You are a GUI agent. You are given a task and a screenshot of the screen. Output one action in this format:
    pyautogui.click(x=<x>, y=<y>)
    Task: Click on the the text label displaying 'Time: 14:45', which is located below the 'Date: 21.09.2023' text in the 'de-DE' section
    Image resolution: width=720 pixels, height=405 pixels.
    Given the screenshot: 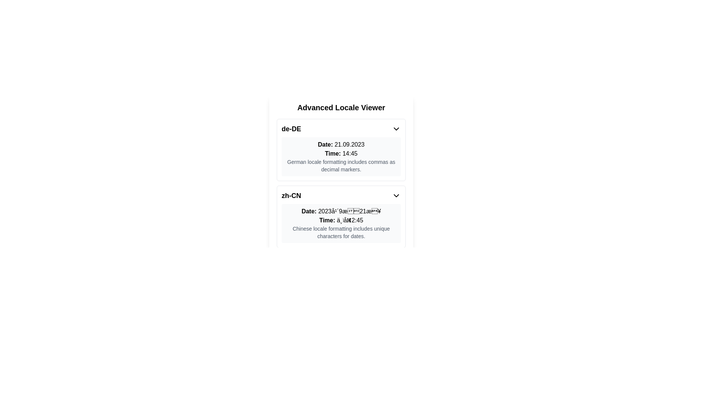 What is the action you would take?
    pyautogui.click(x=341, y=153)
    